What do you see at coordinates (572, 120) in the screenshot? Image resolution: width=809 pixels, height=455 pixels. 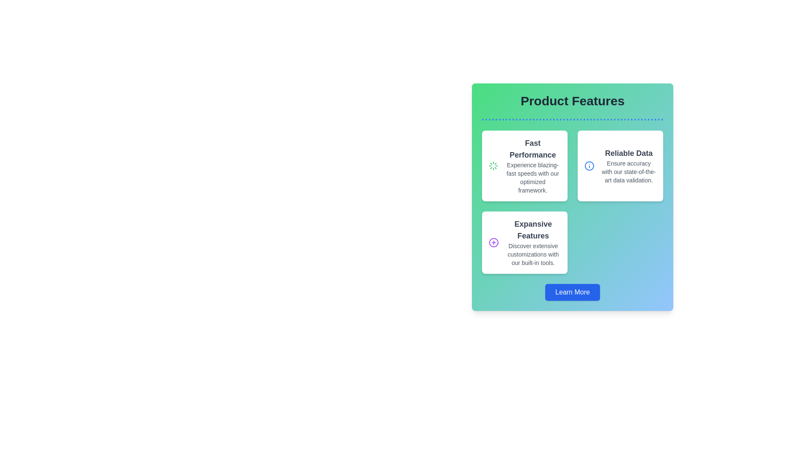 I see `the decorative dotted blue horizontal line separator located between the title 'Product Features' and the grid of feature descriptions` at bounding box center [572, 120].